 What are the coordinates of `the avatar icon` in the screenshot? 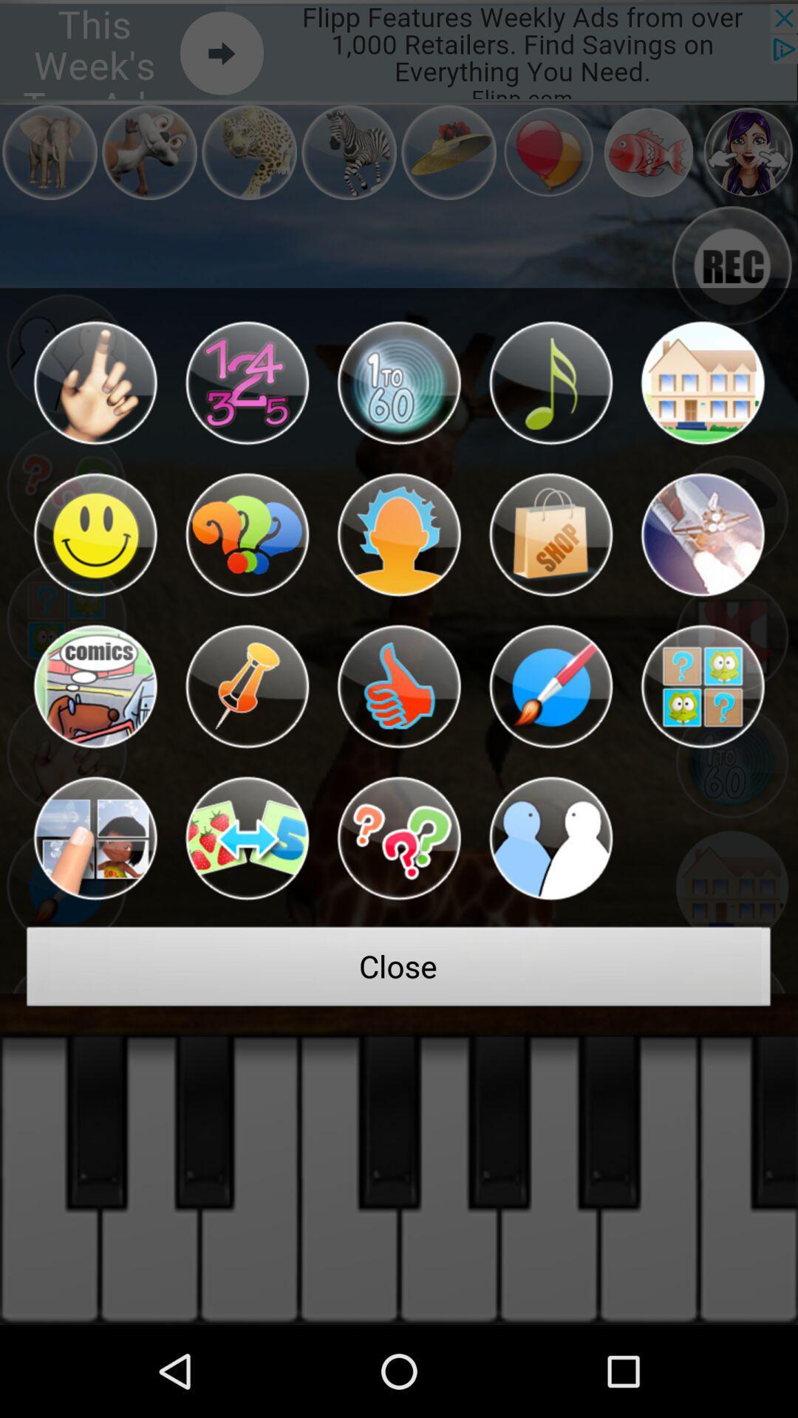 It's located at (399, 572).